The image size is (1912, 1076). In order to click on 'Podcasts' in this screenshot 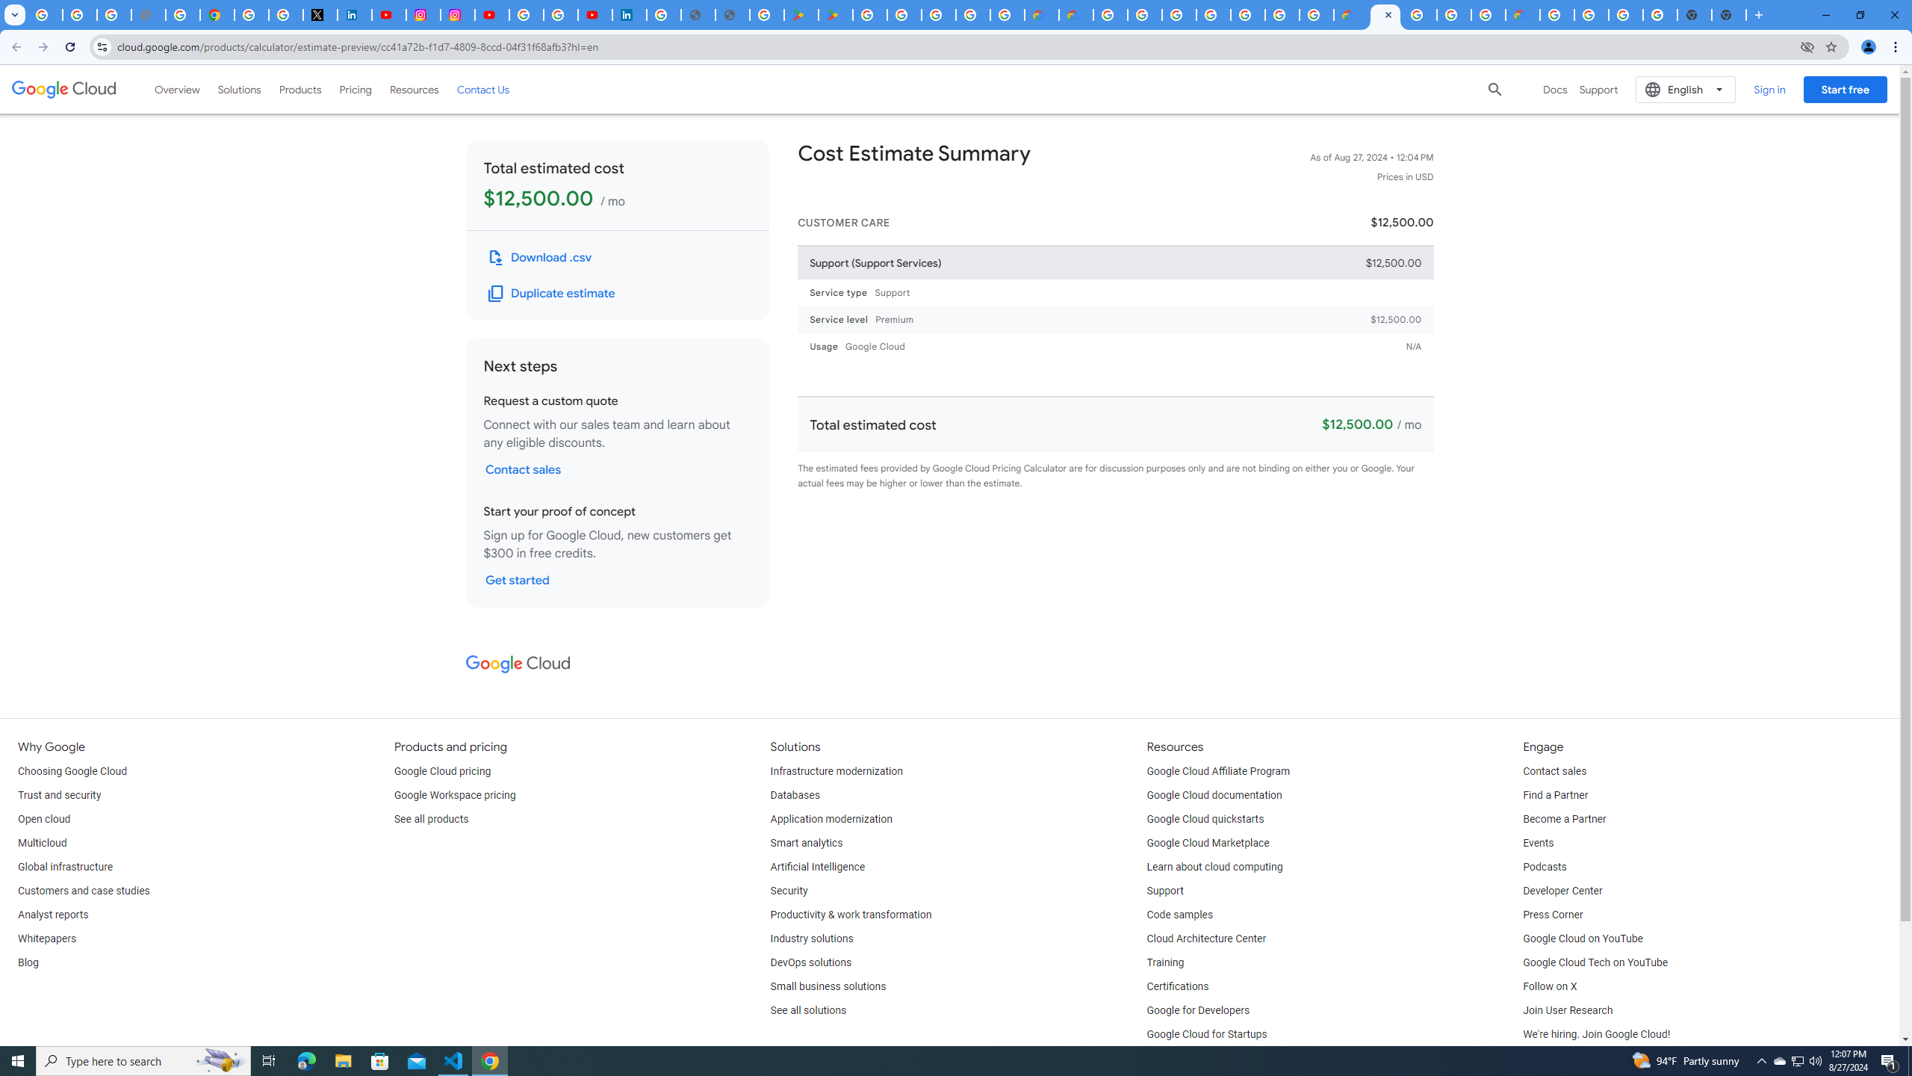, I will do `click(1544, 867)`.